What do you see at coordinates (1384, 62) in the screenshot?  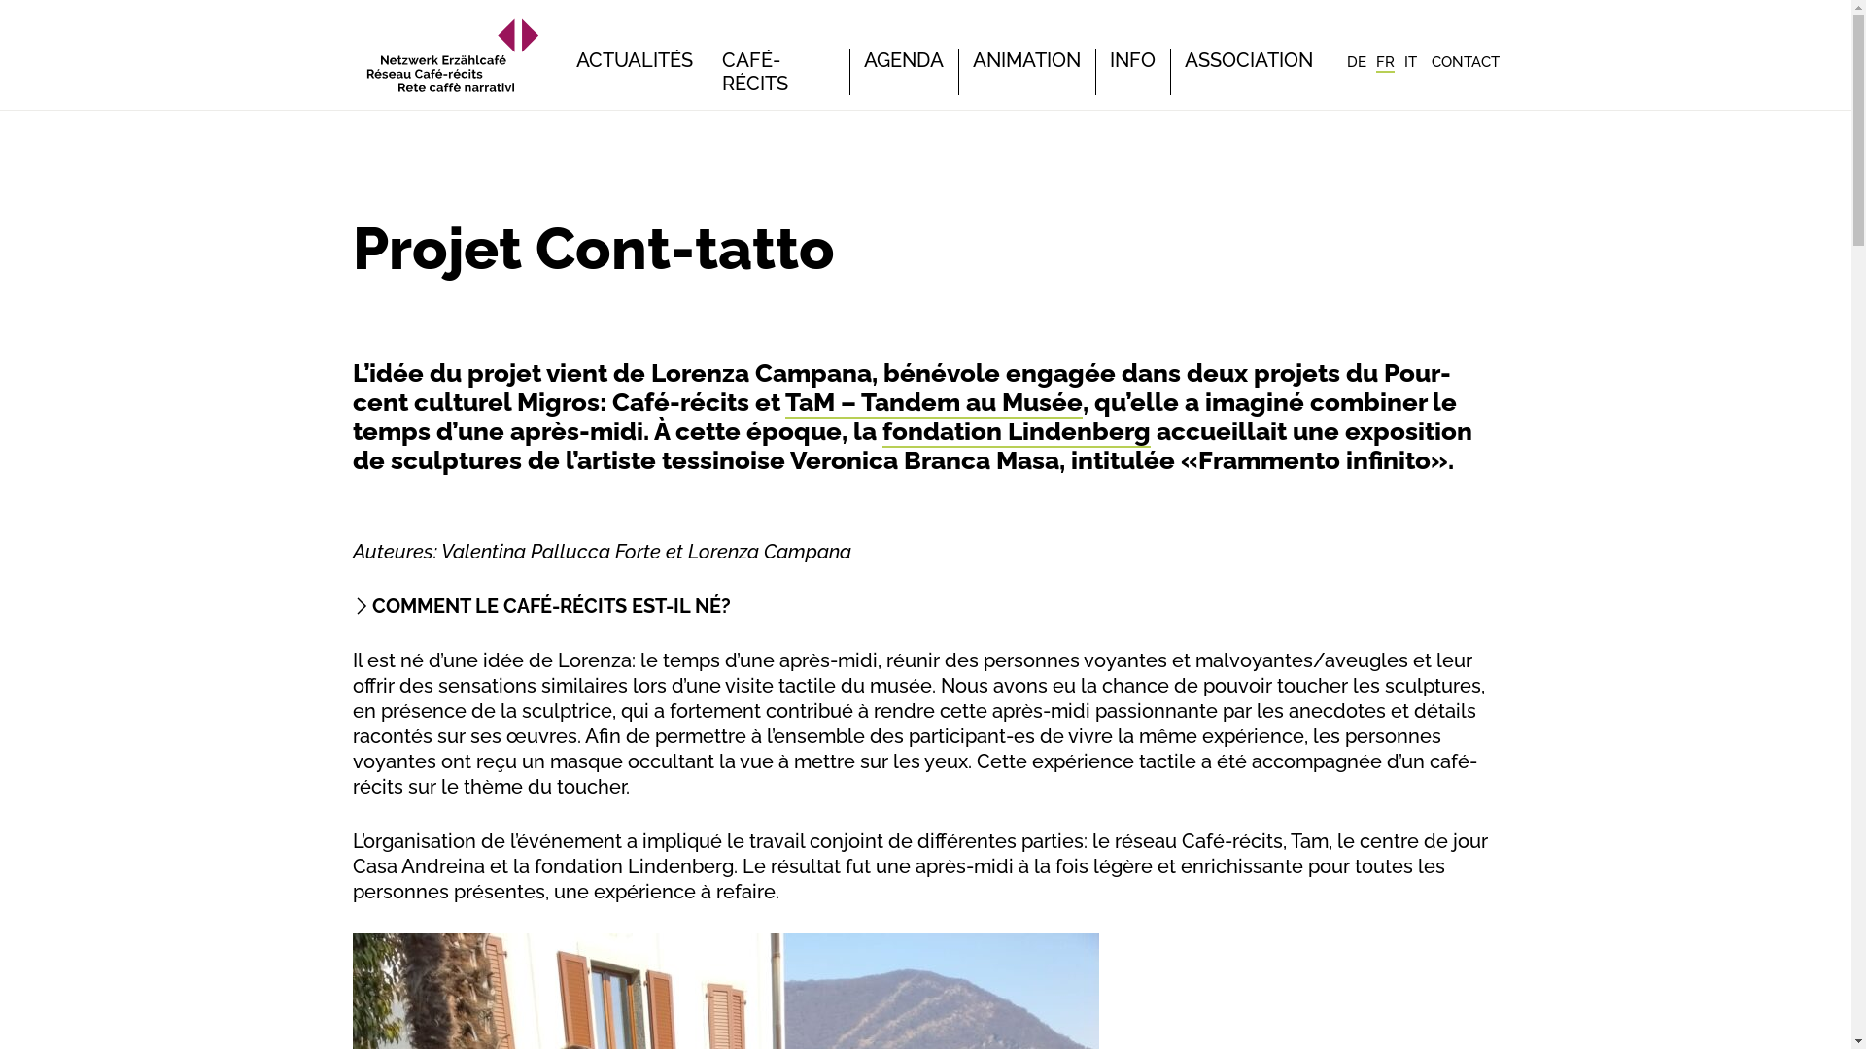 I see `'FR'` at bounding box center [1384, 62].